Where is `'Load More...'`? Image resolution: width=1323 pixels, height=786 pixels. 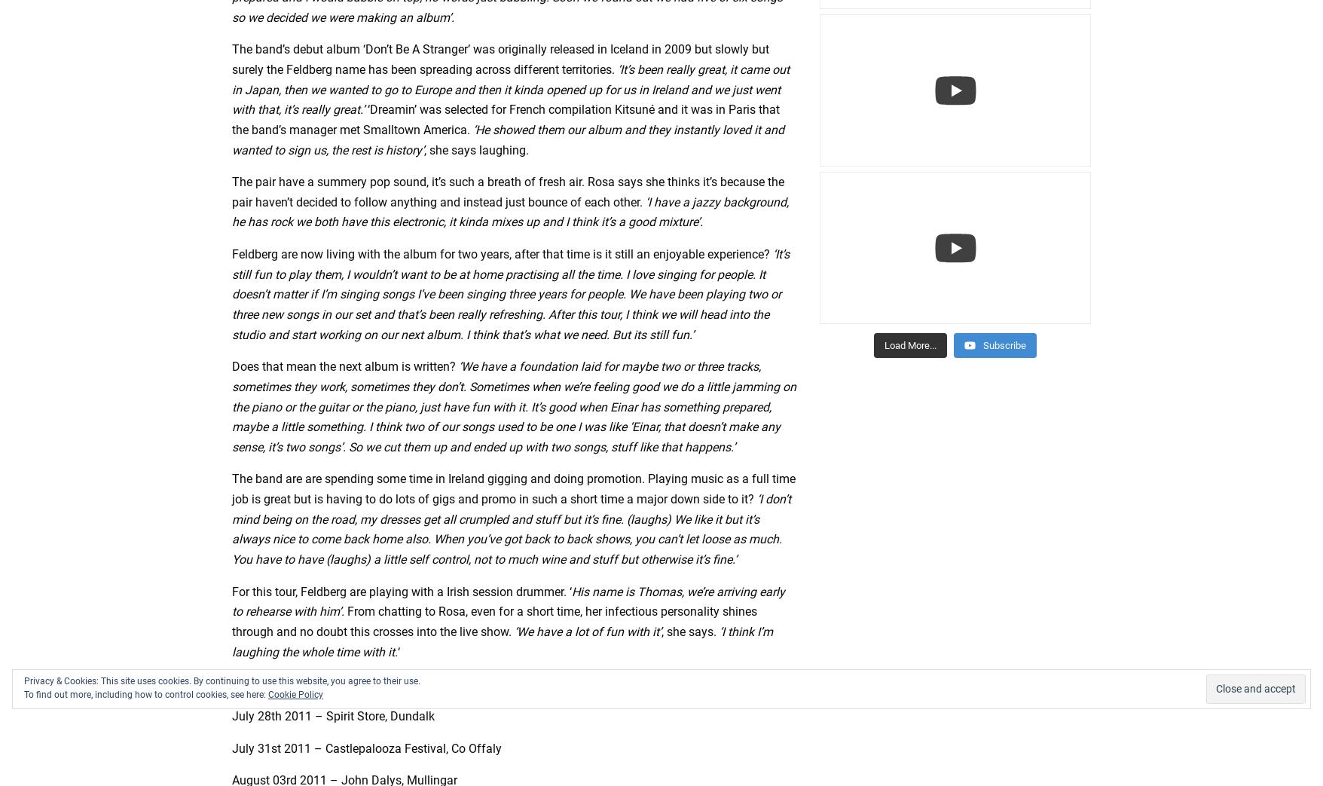
'Load More...' is located at coordinates (909, 344).